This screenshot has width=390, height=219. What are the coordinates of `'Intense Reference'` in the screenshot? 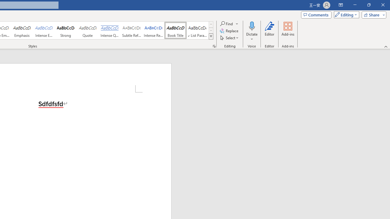 It's located at (154, 30).